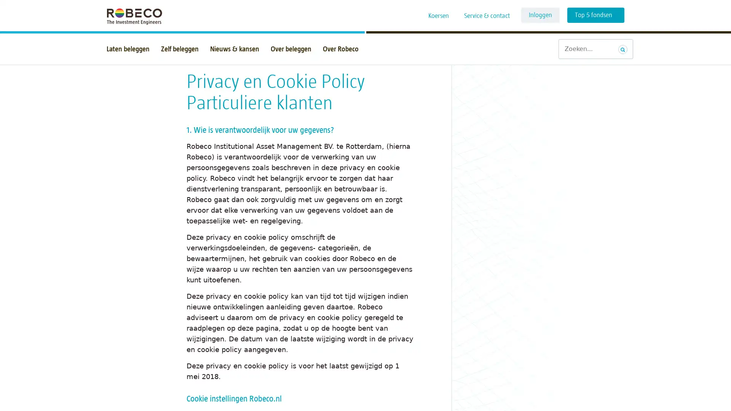 The image size is (731, 411). I want to click on Laten beleggen, so click(128, 49).